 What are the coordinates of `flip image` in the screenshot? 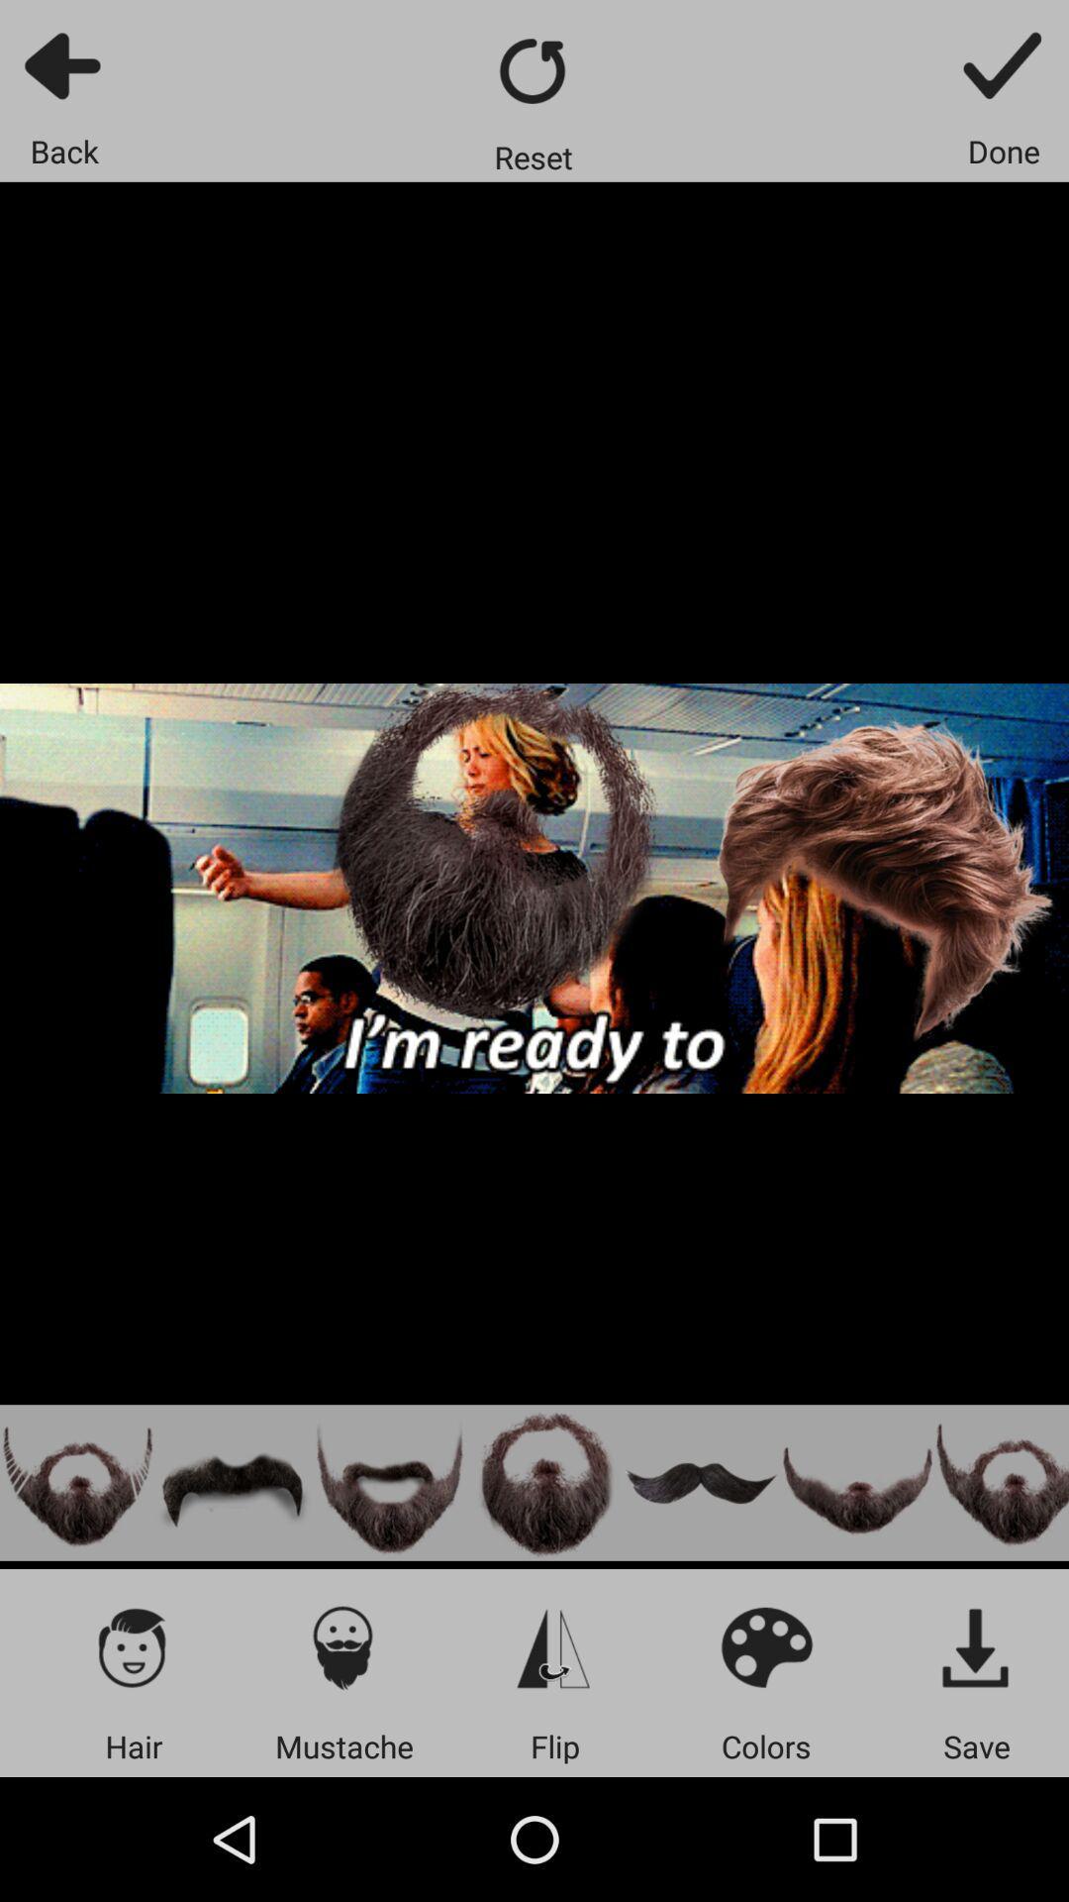 It's located at (554, 1646).